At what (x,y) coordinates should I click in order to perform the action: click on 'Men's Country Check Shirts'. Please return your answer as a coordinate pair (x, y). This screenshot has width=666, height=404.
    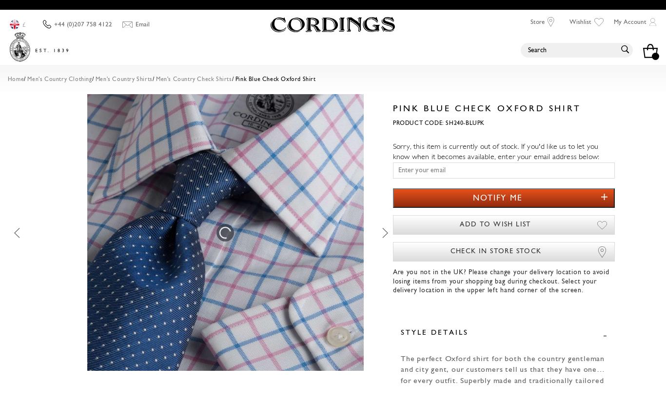
    Looking at the image, I should click on (156, 80).